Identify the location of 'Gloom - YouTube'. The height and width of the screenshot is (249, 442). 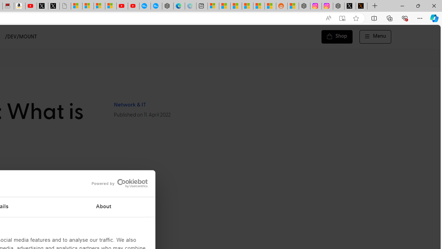
(122, 6).